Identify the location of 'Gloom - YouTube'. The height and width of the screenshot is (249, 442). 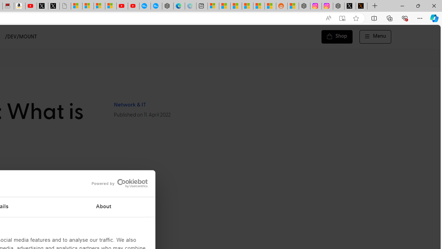
(122, 6).